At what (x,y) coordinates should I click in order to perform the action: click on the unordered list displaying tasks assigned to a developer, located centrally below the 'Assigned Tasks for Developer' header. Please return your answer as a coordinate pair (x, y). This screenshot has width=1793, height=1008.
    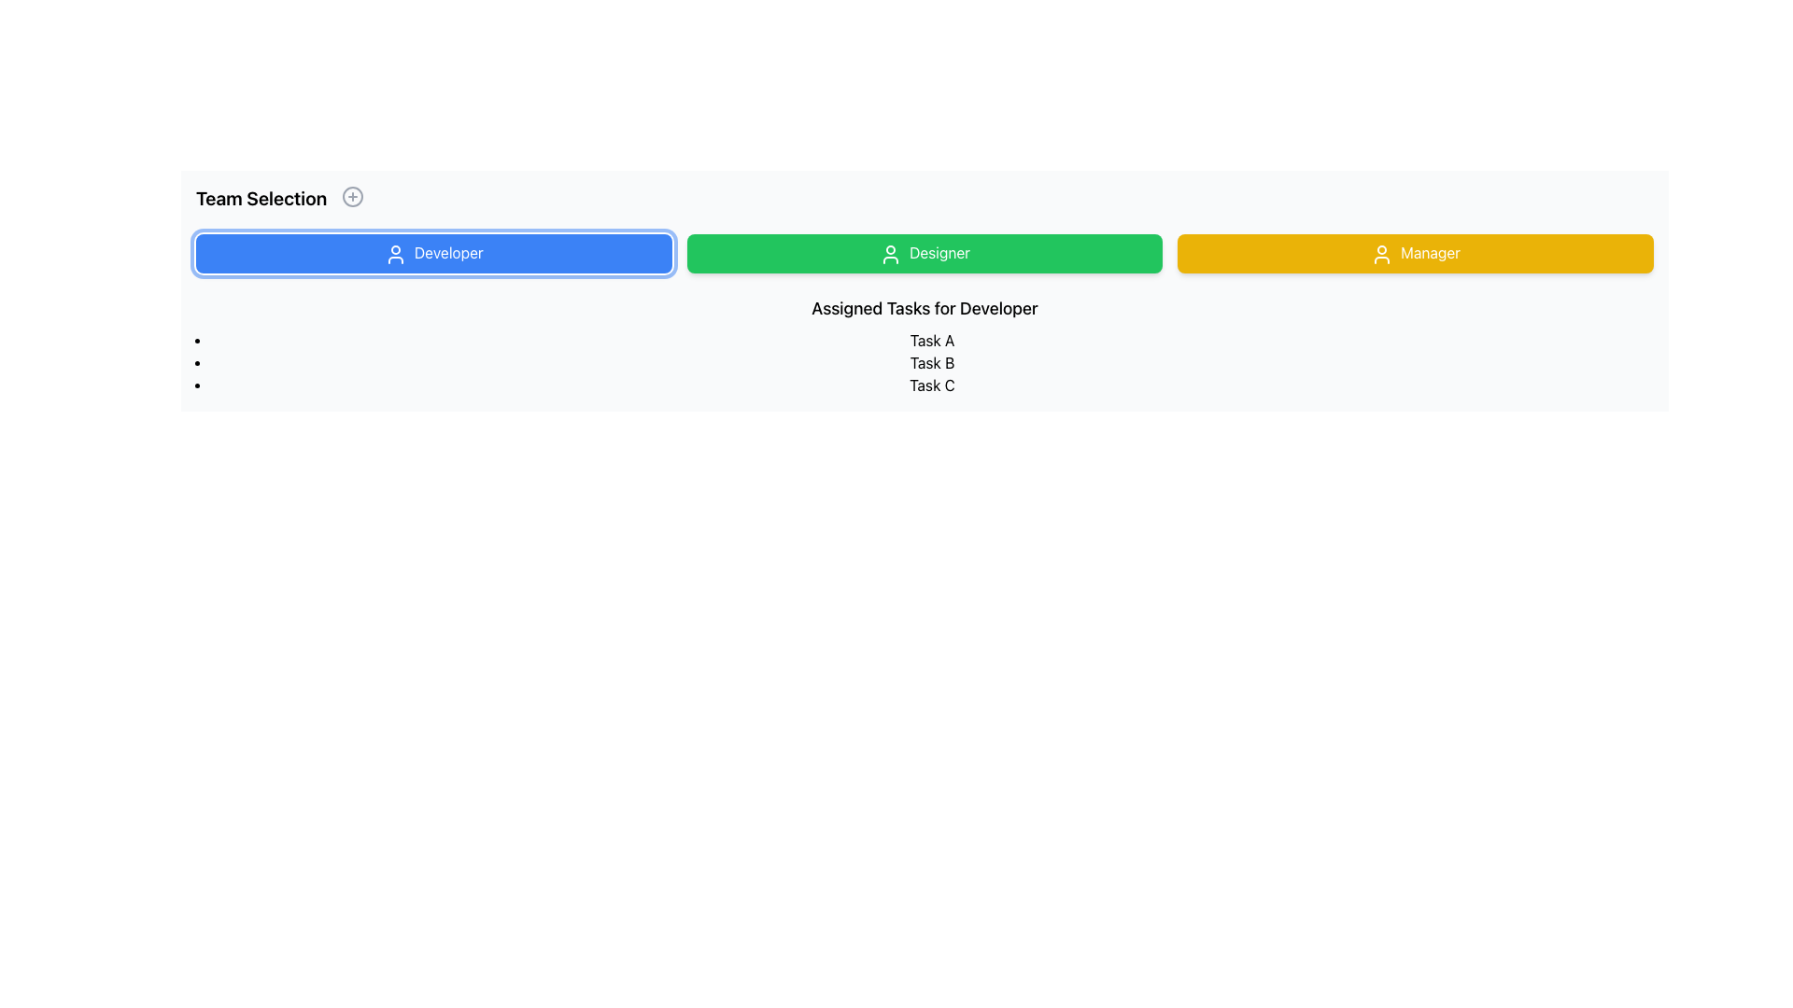
    Looking at the image, I should click on (932, 362).